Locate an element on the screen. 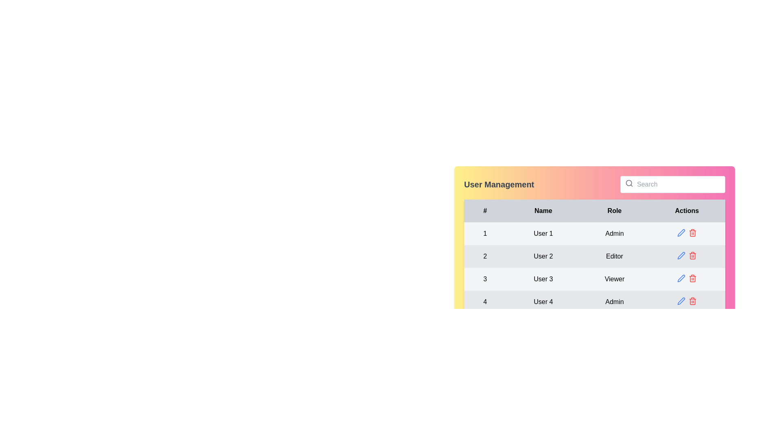 Image resolution: width=781 pixels, height=439 pixels. the circular icon within the search SVG icon, which represents the inner part of the magnifying glass is located at coordinates (628, 183).